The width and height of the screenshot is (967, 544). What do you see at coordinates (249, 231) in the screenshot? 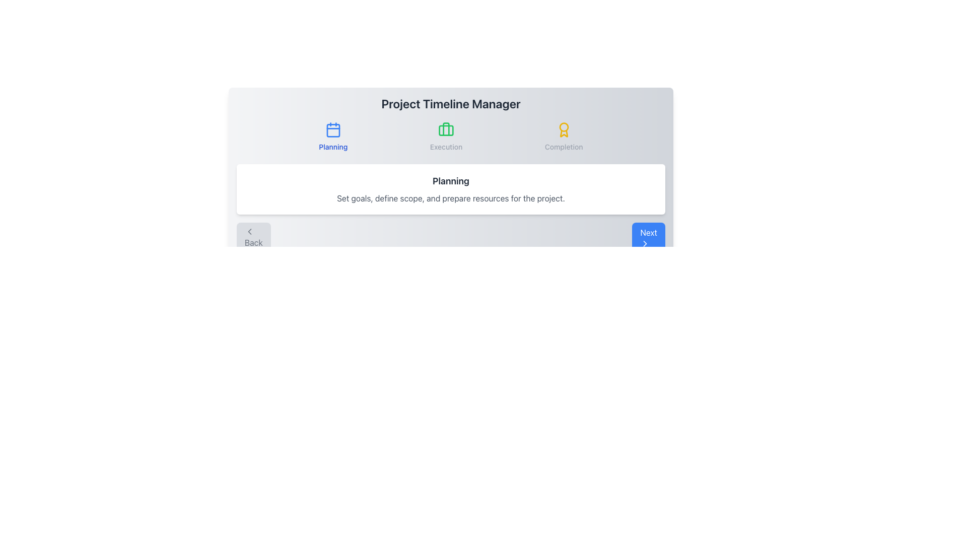
I see `the 'Back' button icon located at the bottom left corner of the interface, adjacent to the 'Back' text label` at bounding box center [249, 231].